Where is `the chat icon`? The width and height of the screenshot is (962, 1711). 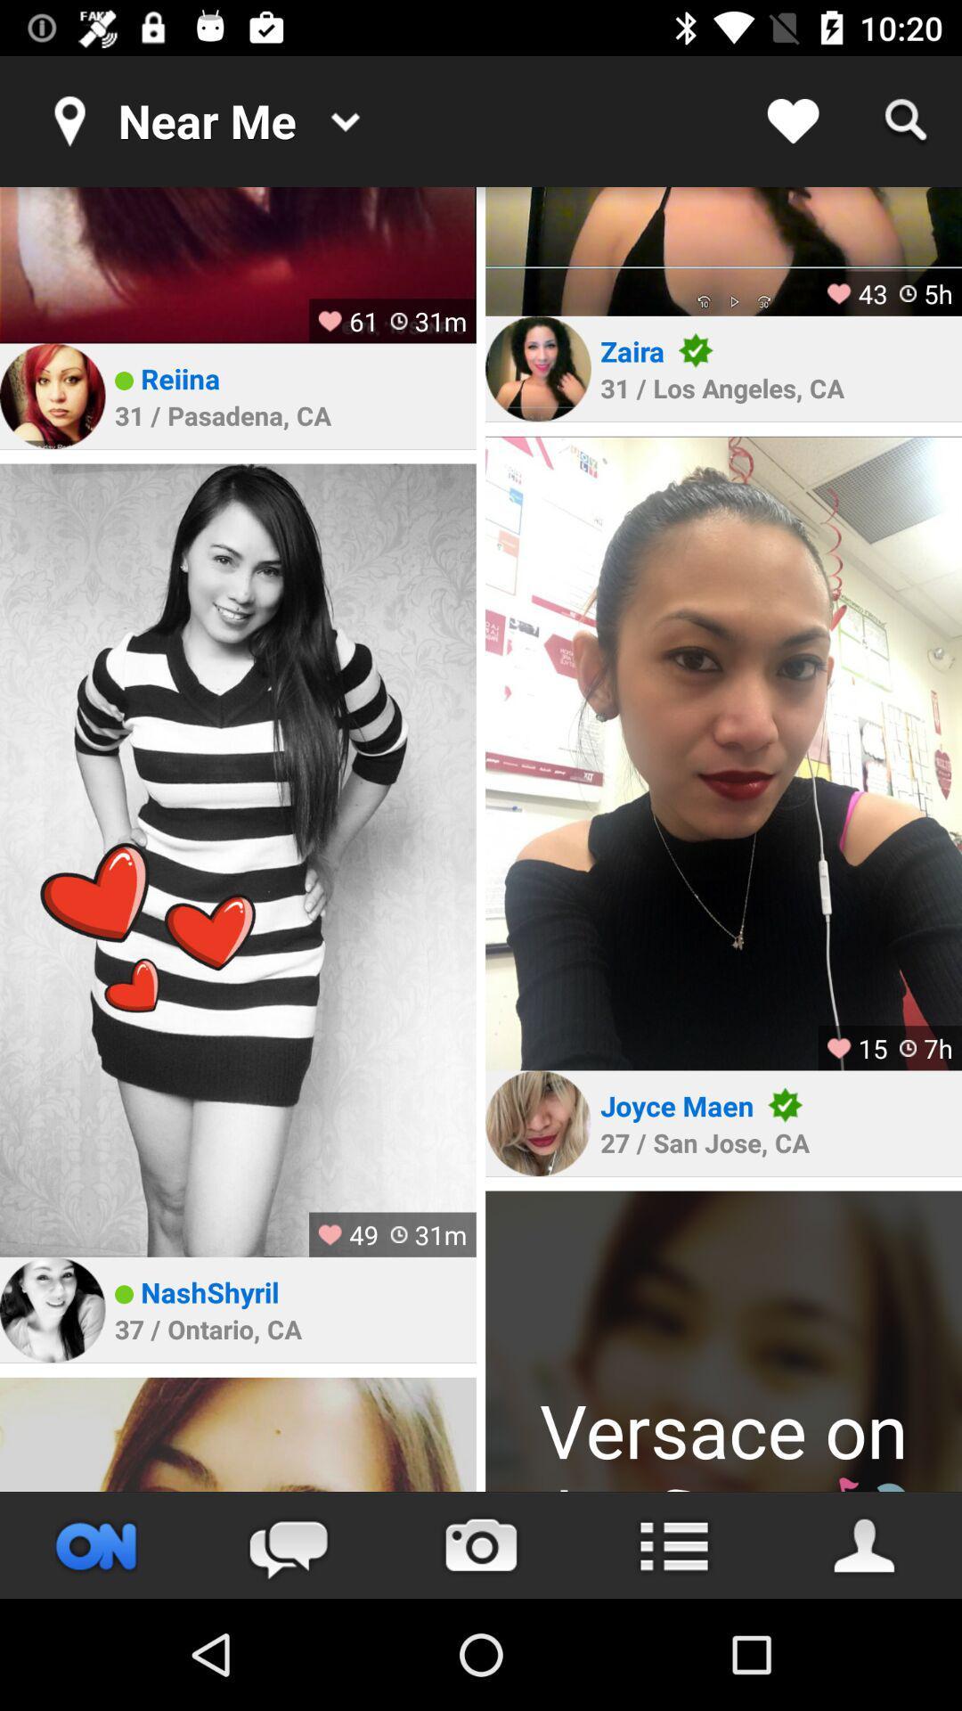
the chat icon is located at coordinates (288, 1544).